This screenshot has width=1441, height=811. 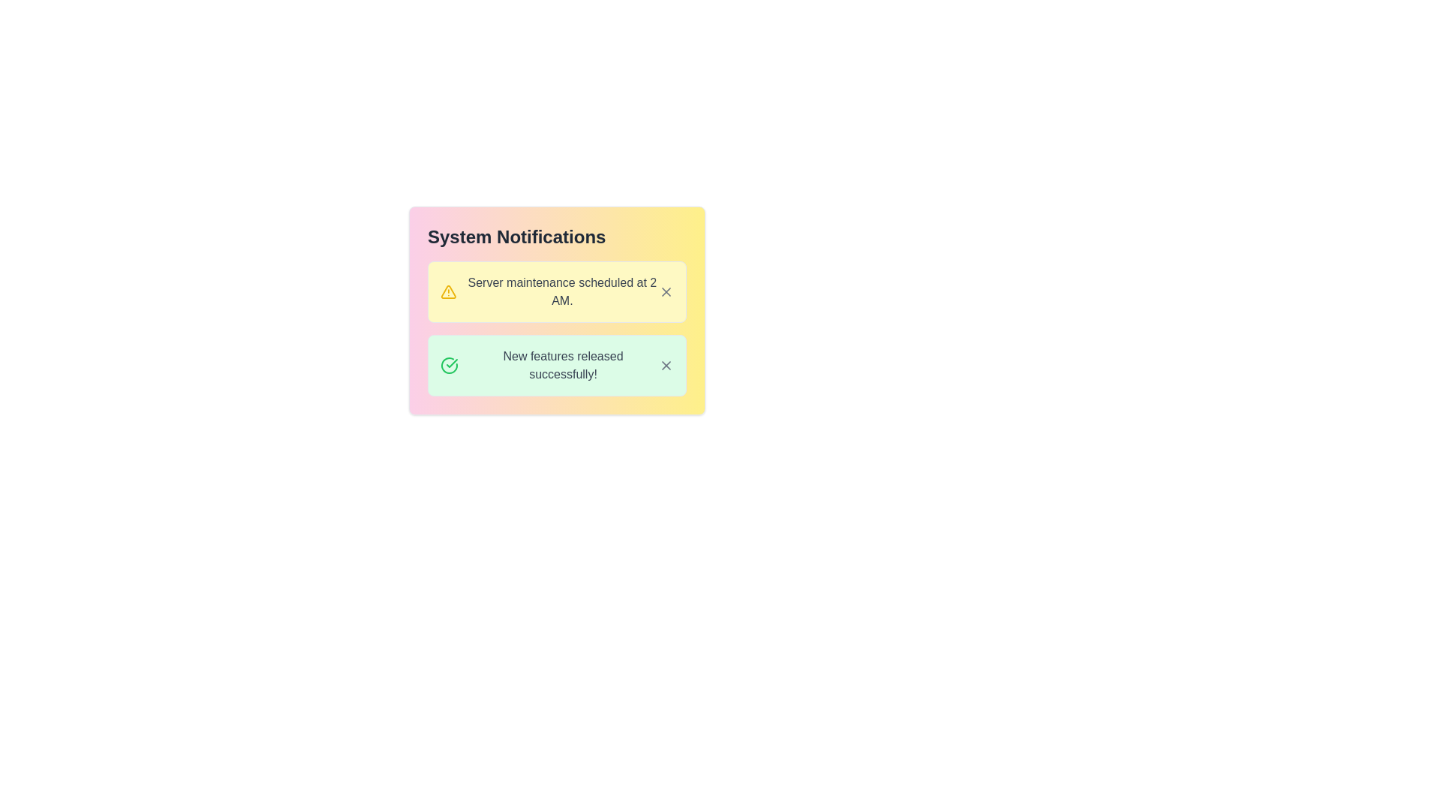 What do you see at coordinates (666, 365) in the screenshot?
I see `the gray 'X' shape close icon located in the top right corner of the notification box labeled 'New features released successfully!'` at bounding box center [666, 365].